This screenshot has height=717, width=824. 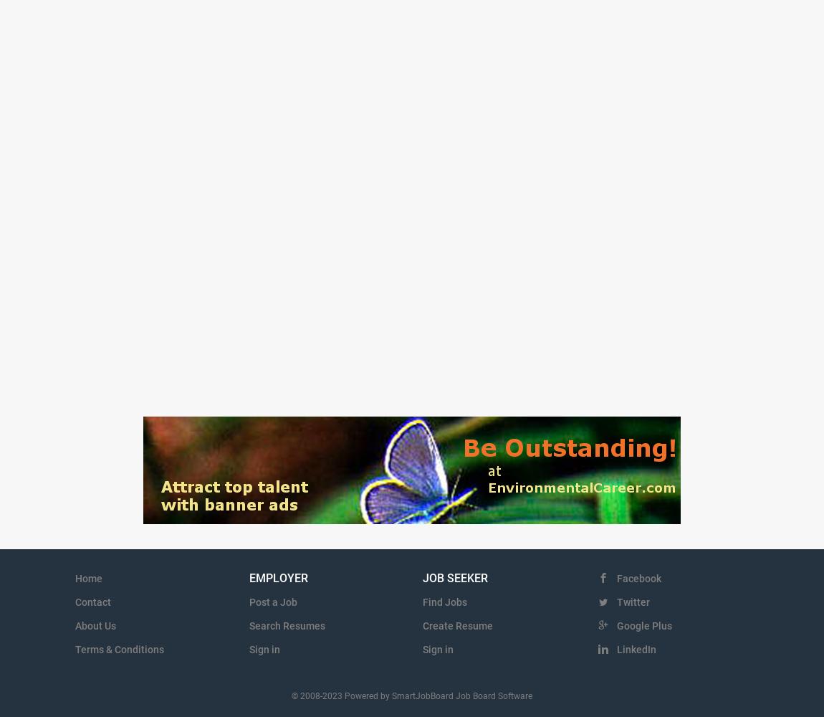 I want to click on 'Employer', so click(x=278, y=578).